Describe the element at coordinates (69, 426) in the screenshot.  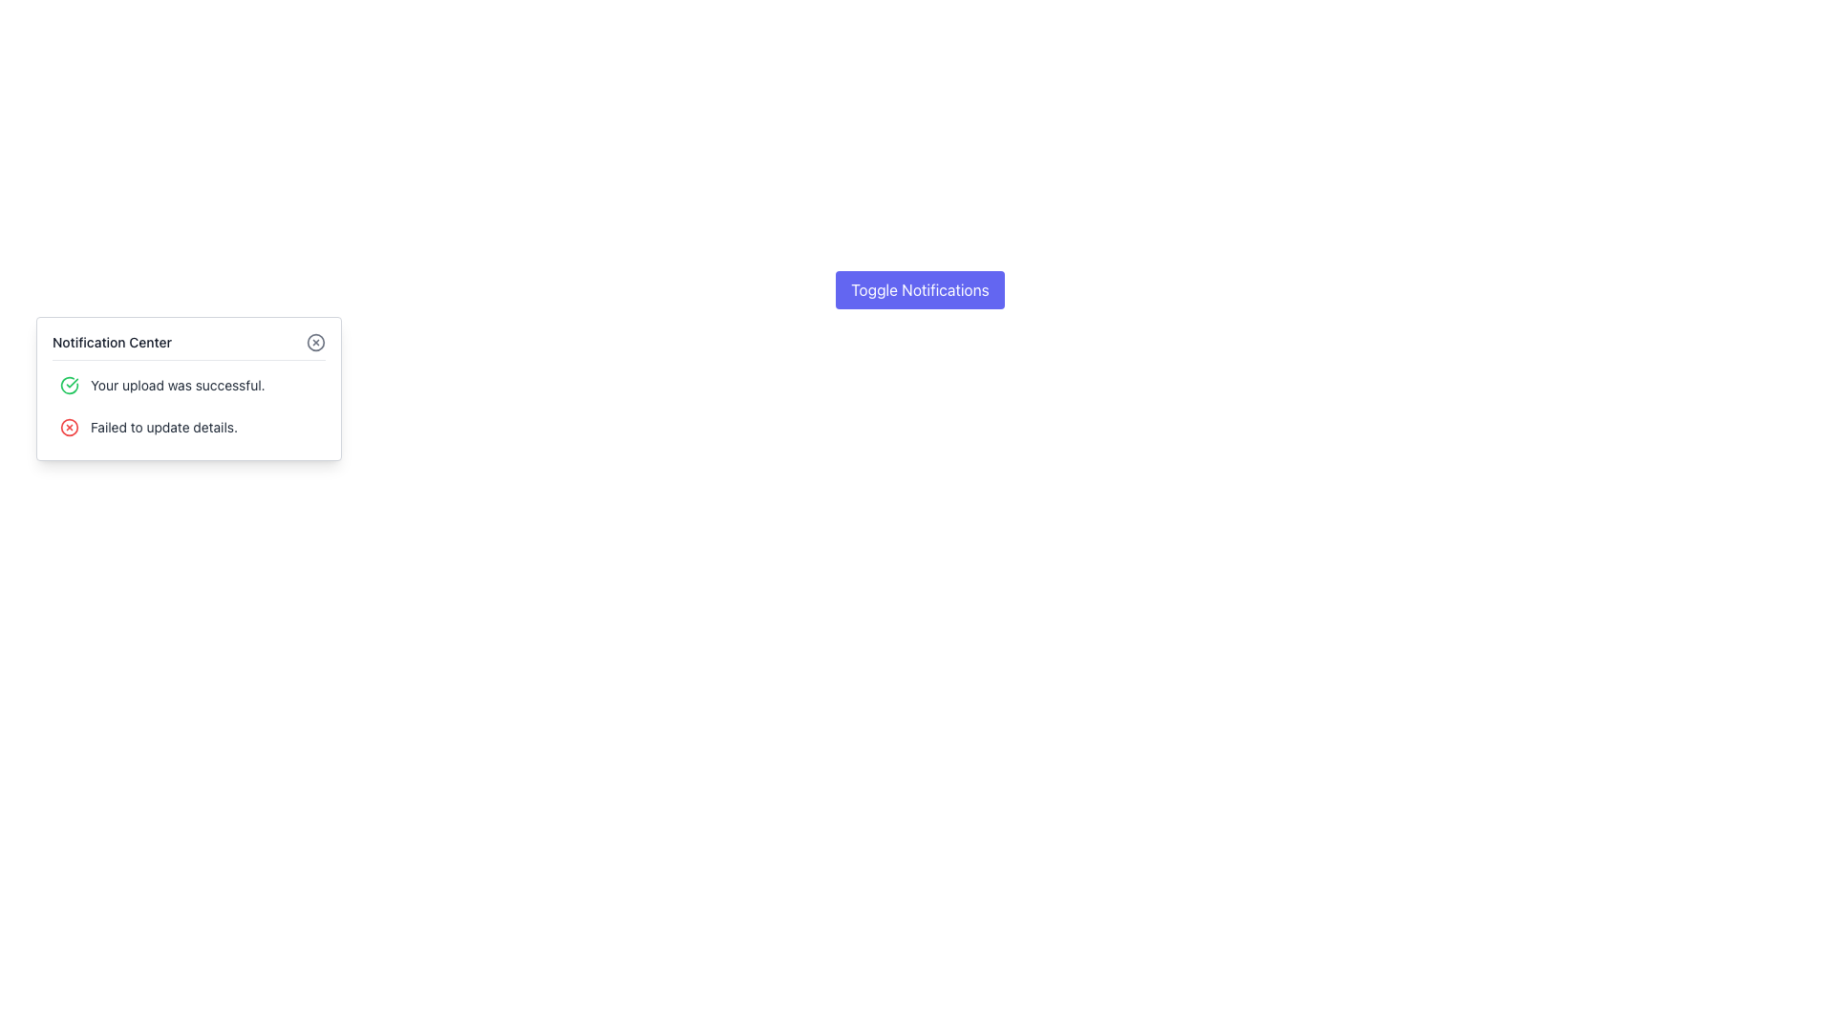
I see `the red circular error icon located in the notification panel to interpret the error status related to the 'Failed to update details.' message` at that location.